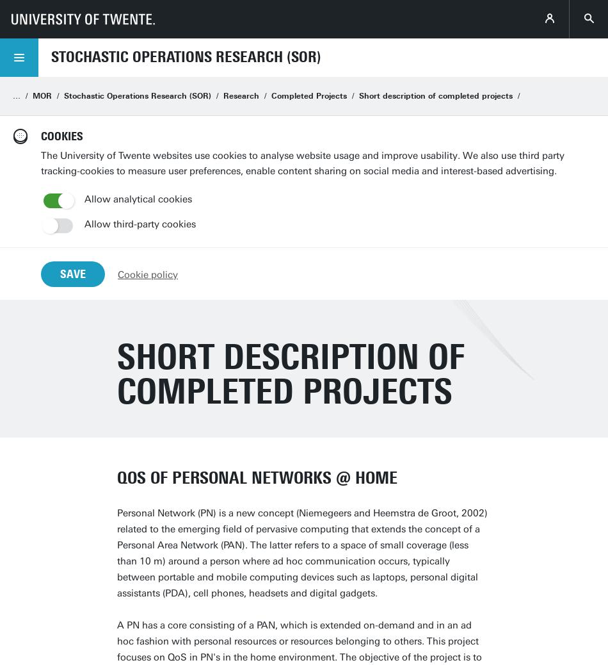  I want to click on 'Completed Projects', so click(308, 95).